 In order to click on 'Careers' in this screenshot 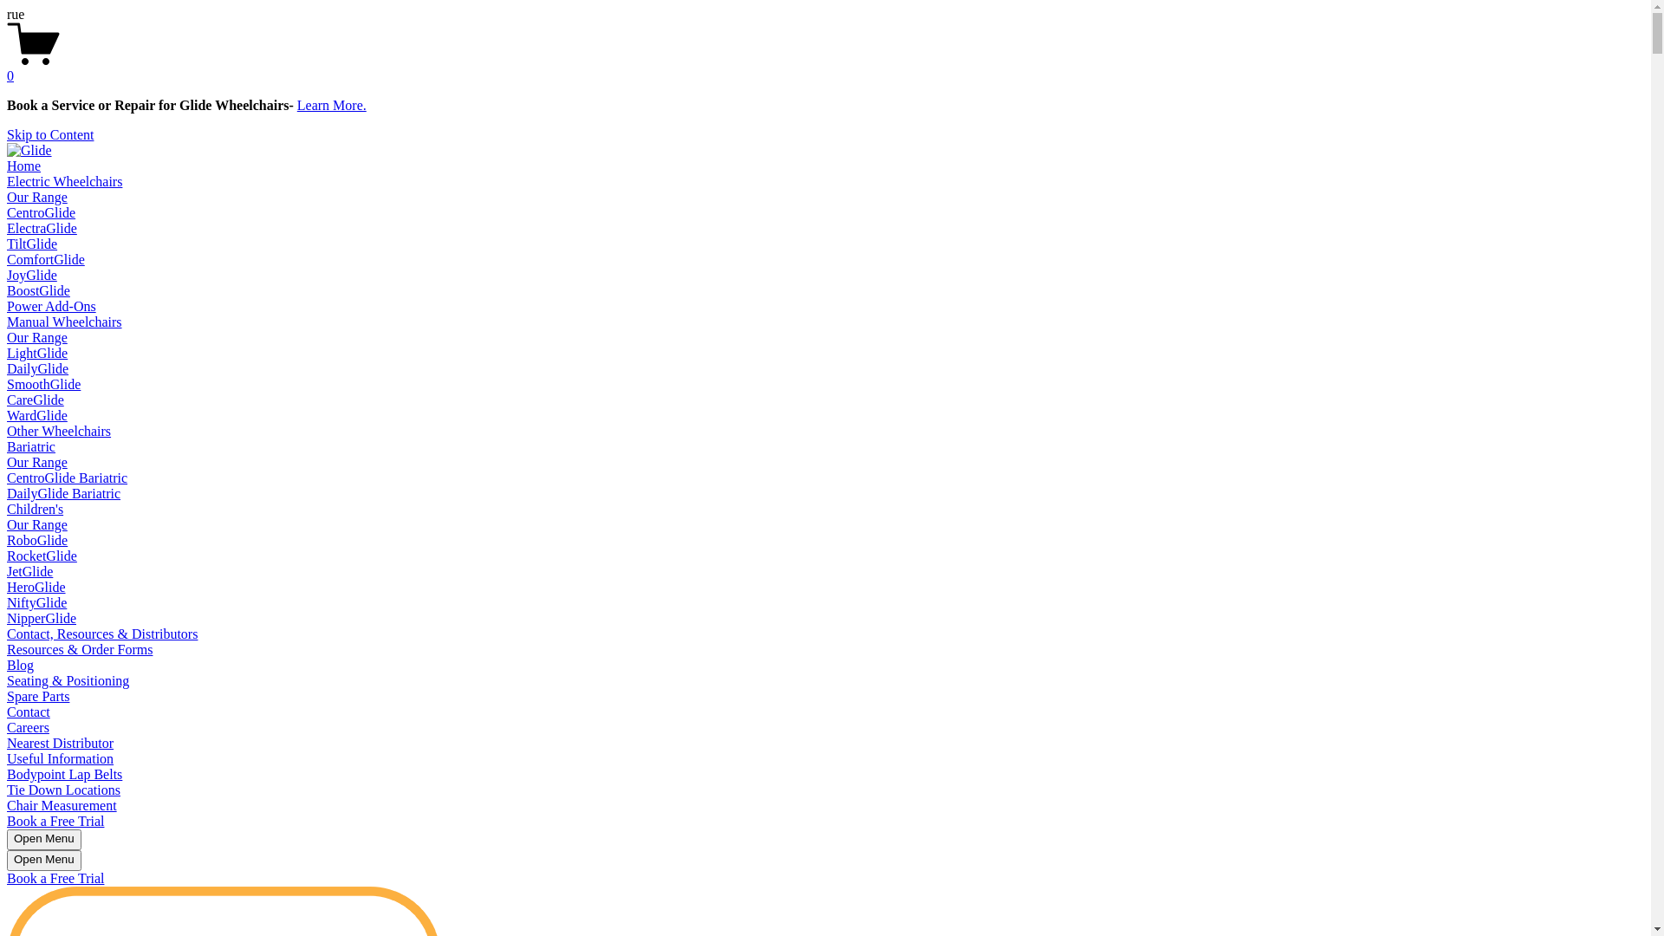, I will do `click(28, 727)`.